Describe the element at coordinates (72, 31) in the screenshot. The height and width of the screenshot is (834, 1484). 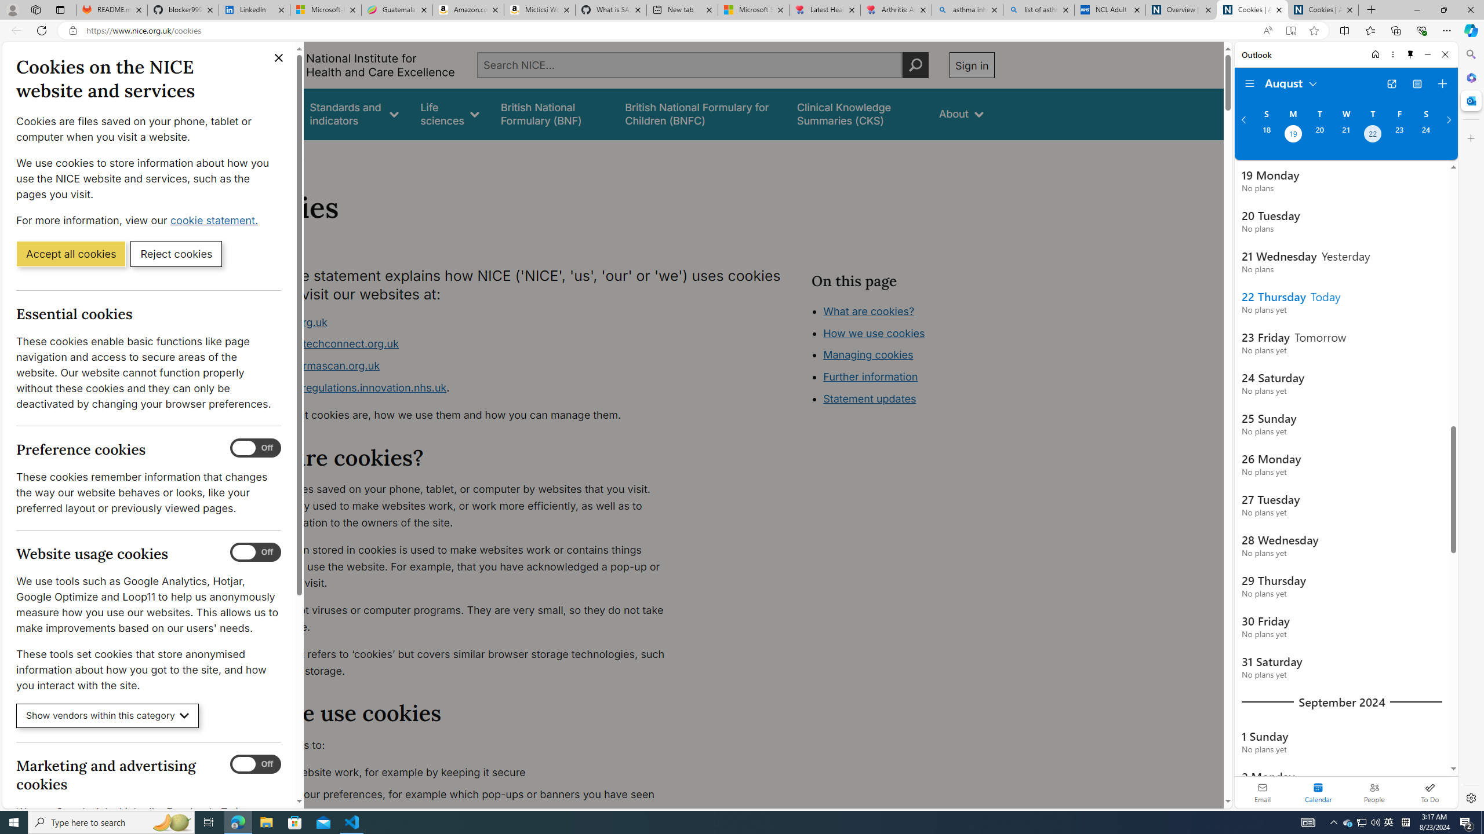
I see `'View site information'` at that location.